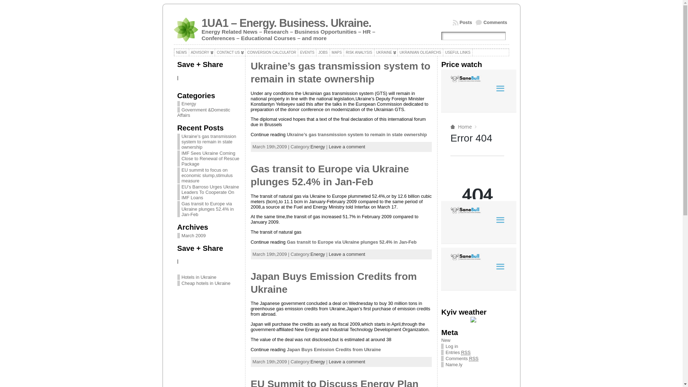 The image size is (688, 387). Describe the element at coordinates (373, 52) in the screenshot. I see `'UKRAINE'` at that location.